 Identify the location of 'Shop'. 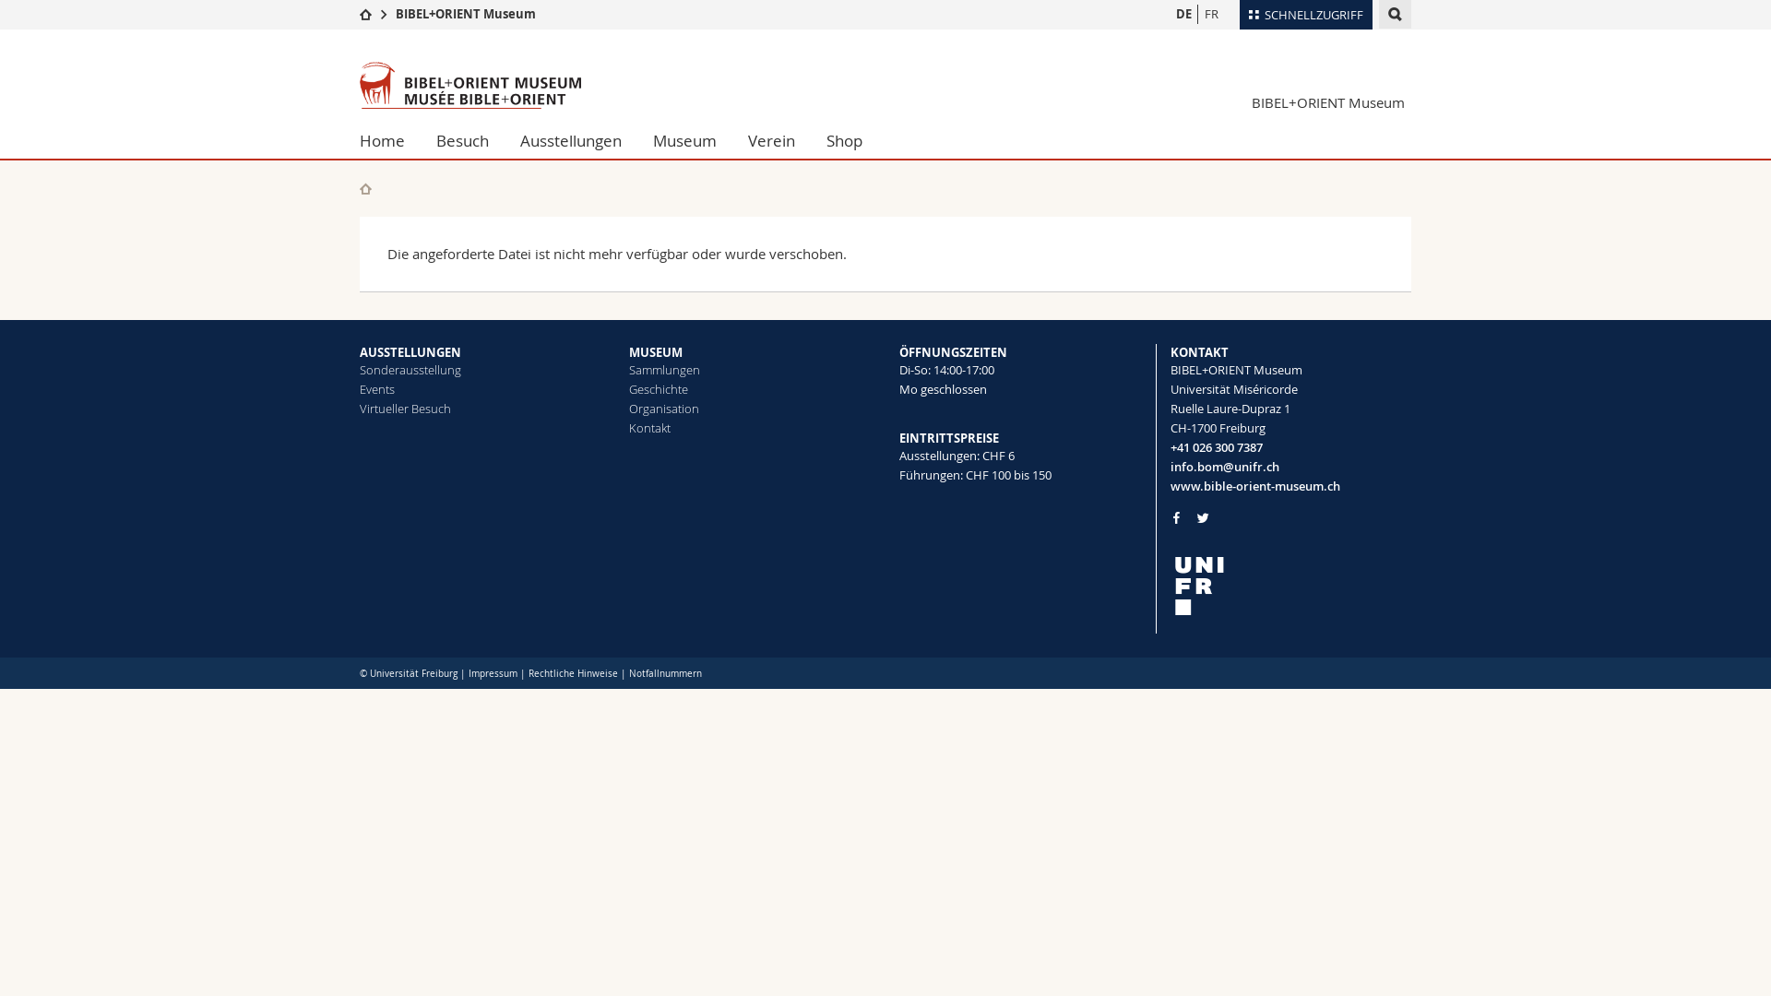
(843, 140).